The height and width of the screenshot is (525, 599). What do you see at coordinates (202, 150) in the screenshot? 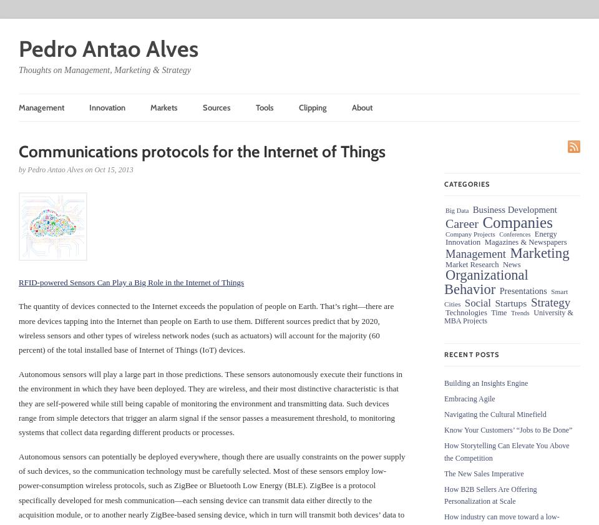
I see `'Communications protocols for the Internet of Things'` at bounding box center [202, 150].